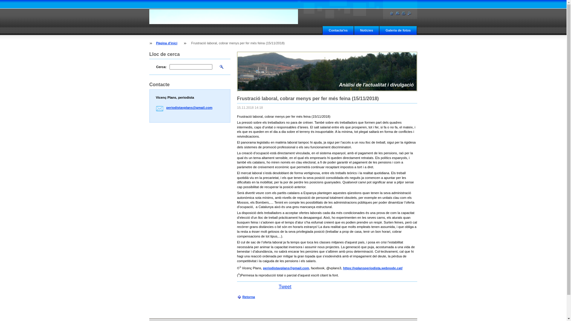 Image resolution: width=571 pixels, height=321 pixels. I want to click on 'periodistavplans@gmail.com', so click(286, 268).